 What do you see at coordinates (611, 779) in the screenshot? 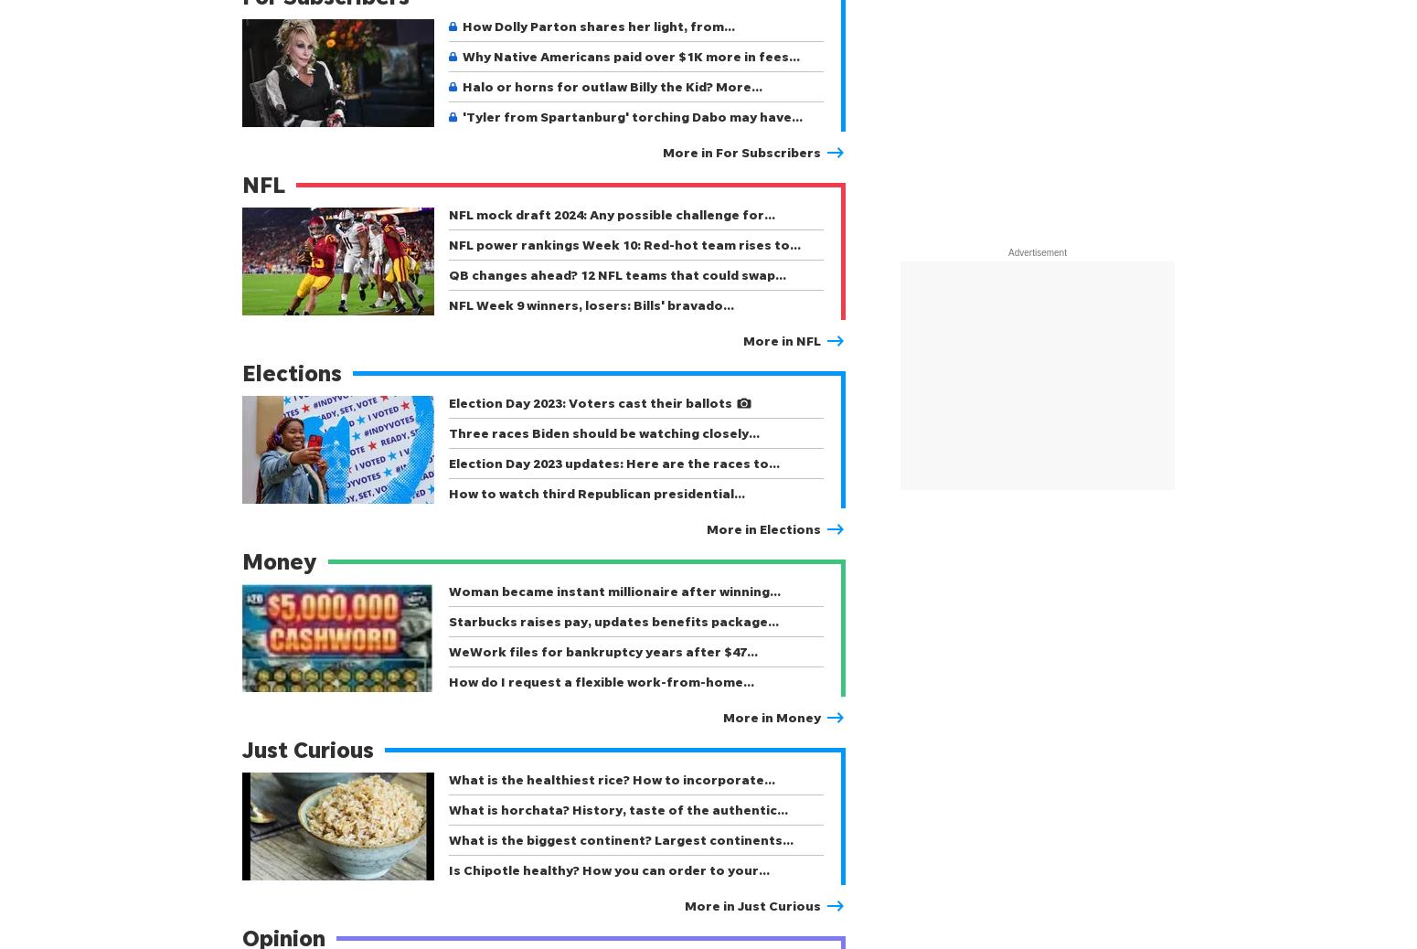
I see `'What is the healthiest rice? How to incorporate…'` at bounding box center [611, 779].